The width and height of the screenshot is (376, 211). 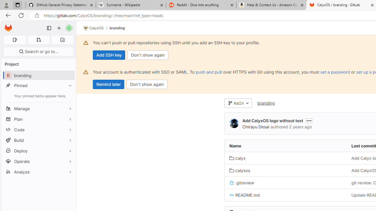 What do you see at coordinates (130, 5) in the screenshot?
I see `'Suriname - Wikipedia'` at bounding box center [130, 5].